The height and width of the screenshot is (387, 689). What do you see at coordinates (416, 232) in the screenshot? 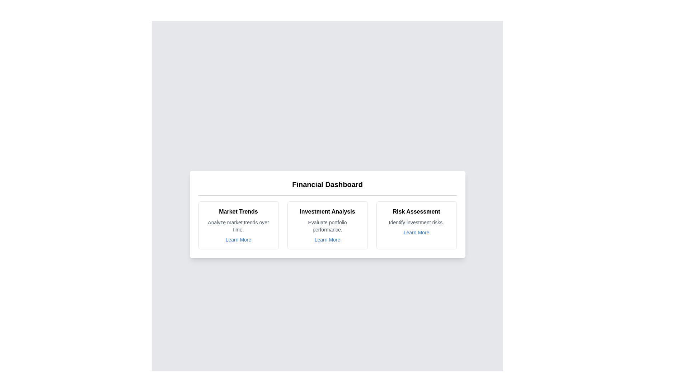
I see `the 'Learn More' link for the Risk Assessment chart card` at bounding box center [416, 232].